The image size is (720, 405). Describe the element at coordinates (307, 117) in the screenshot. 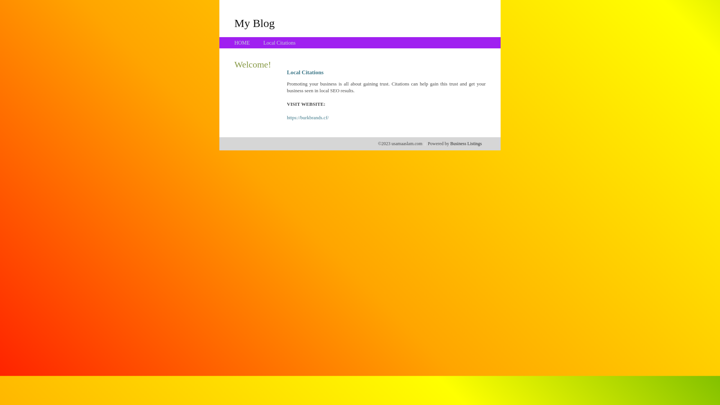

I see `'https://burkbrands.cf/'` at that location.